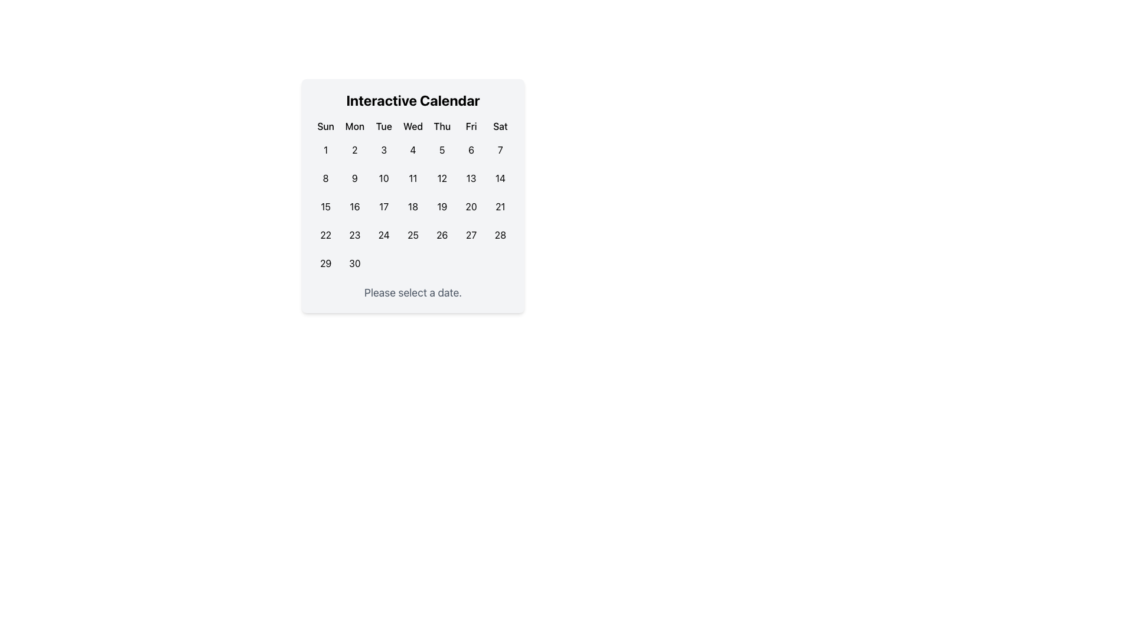 This screenshot has height=638, width=1134. Describe the element at coordinates (500, 206) in the screenshot. I see `the button representing the 21st day in the calendar, located in the seventh column of the fourth row under the heading 'Sat'` at that location.